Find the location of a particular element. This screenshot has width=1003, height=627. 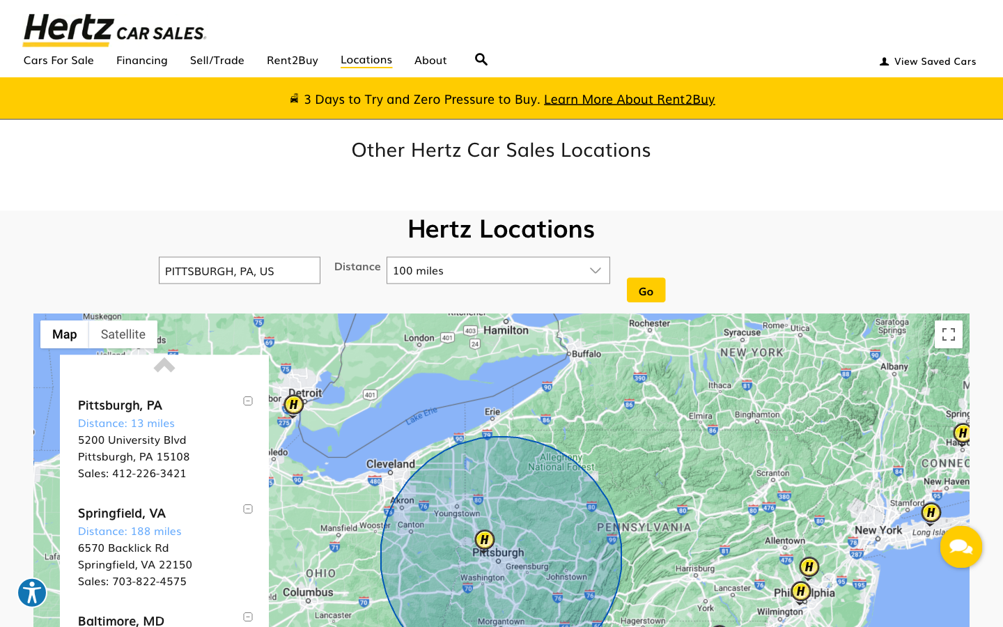

the rent2buy information page is located at coordinates (630, 98).